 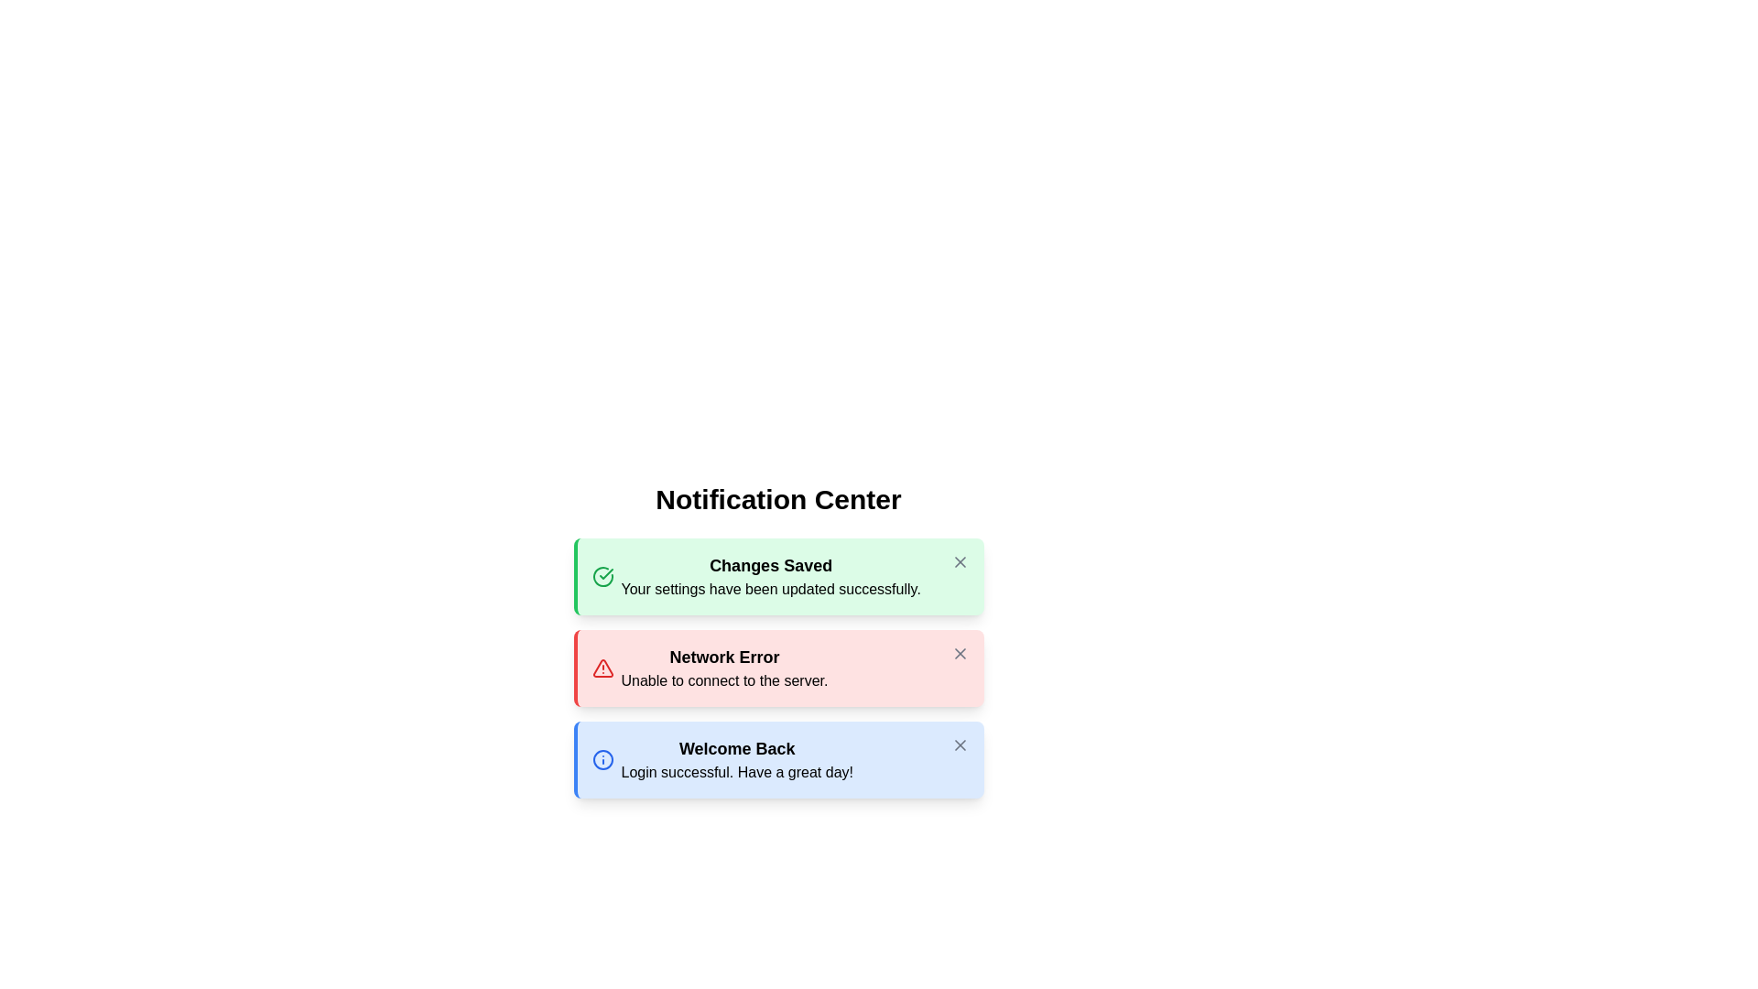 I want to click on the graphical circle component within the SVG icon that represents the notification's type or status, located on the left side of the 'Welcome Back' notification card, so click(x=602, y=759).